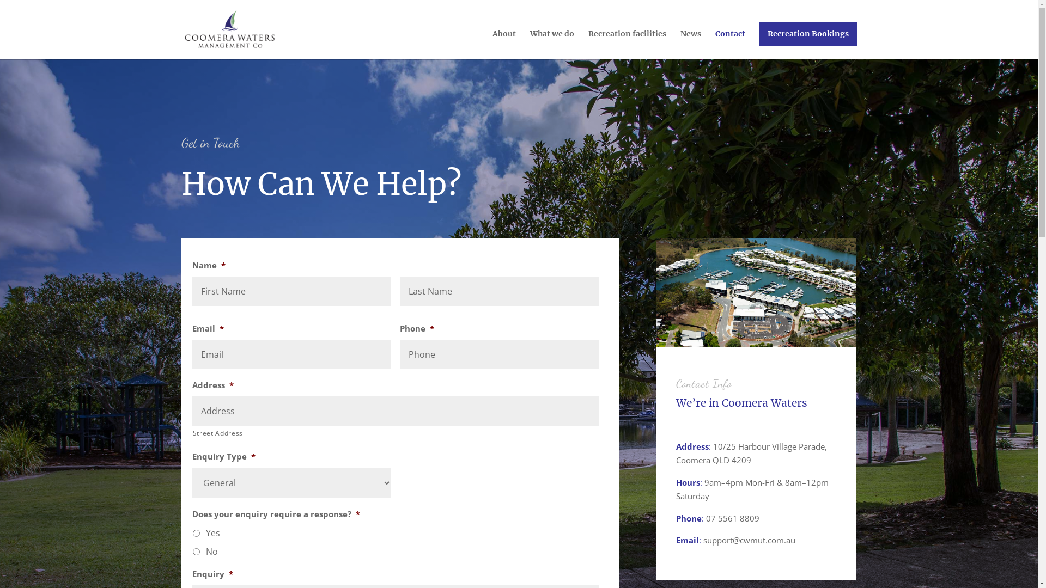 The height and width of the screenshot is (588, 1046). I want to click on 'News', so click(690, 44).